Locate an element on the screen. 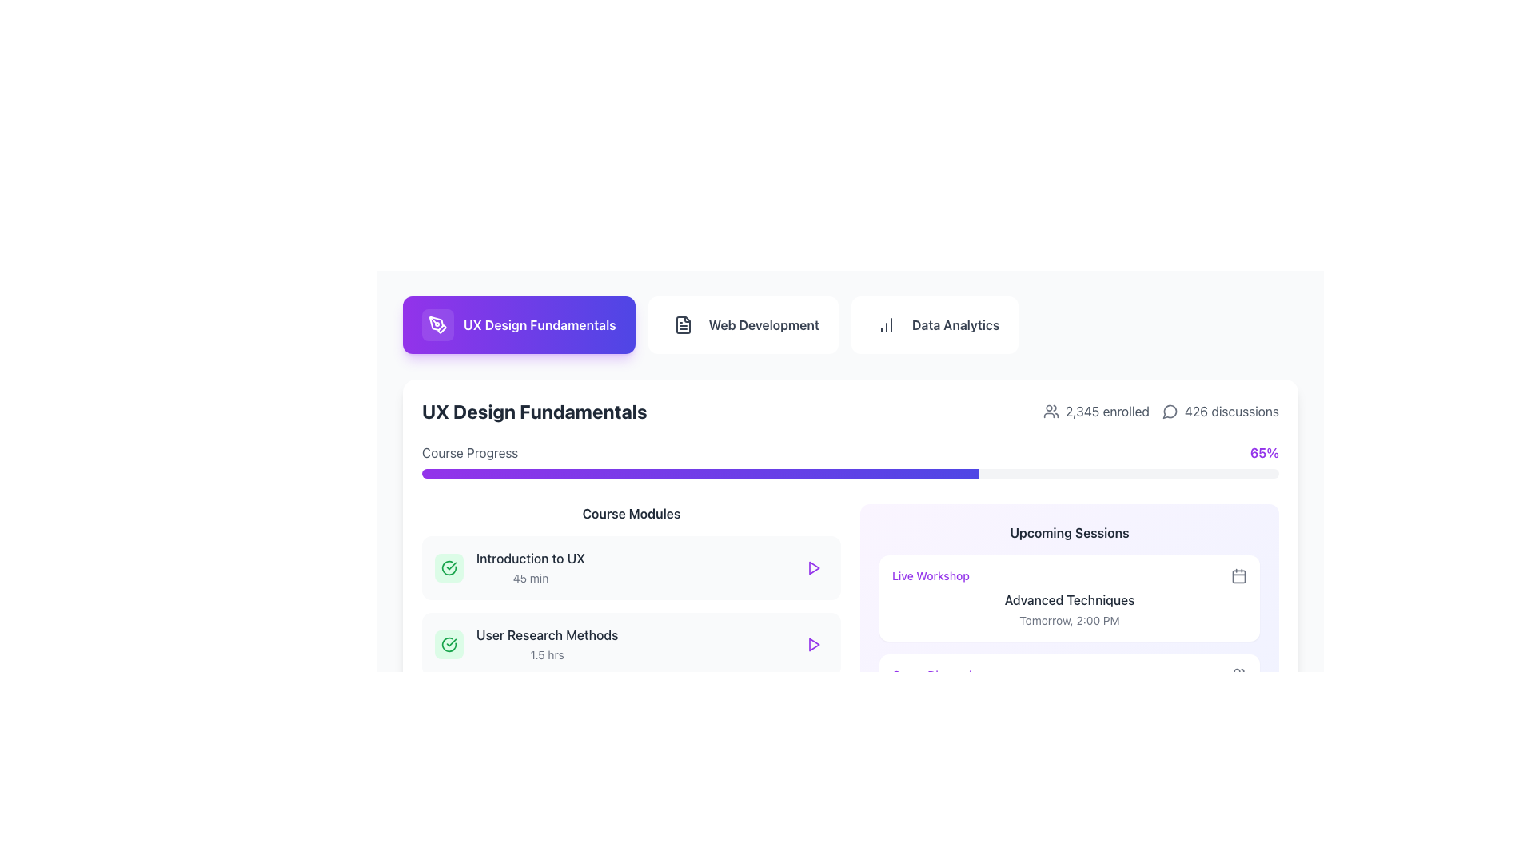 This screenshot has width=1535, height=863. the small triangular play icon outlined in purple with a white fill is located at coordinates (813, 567).